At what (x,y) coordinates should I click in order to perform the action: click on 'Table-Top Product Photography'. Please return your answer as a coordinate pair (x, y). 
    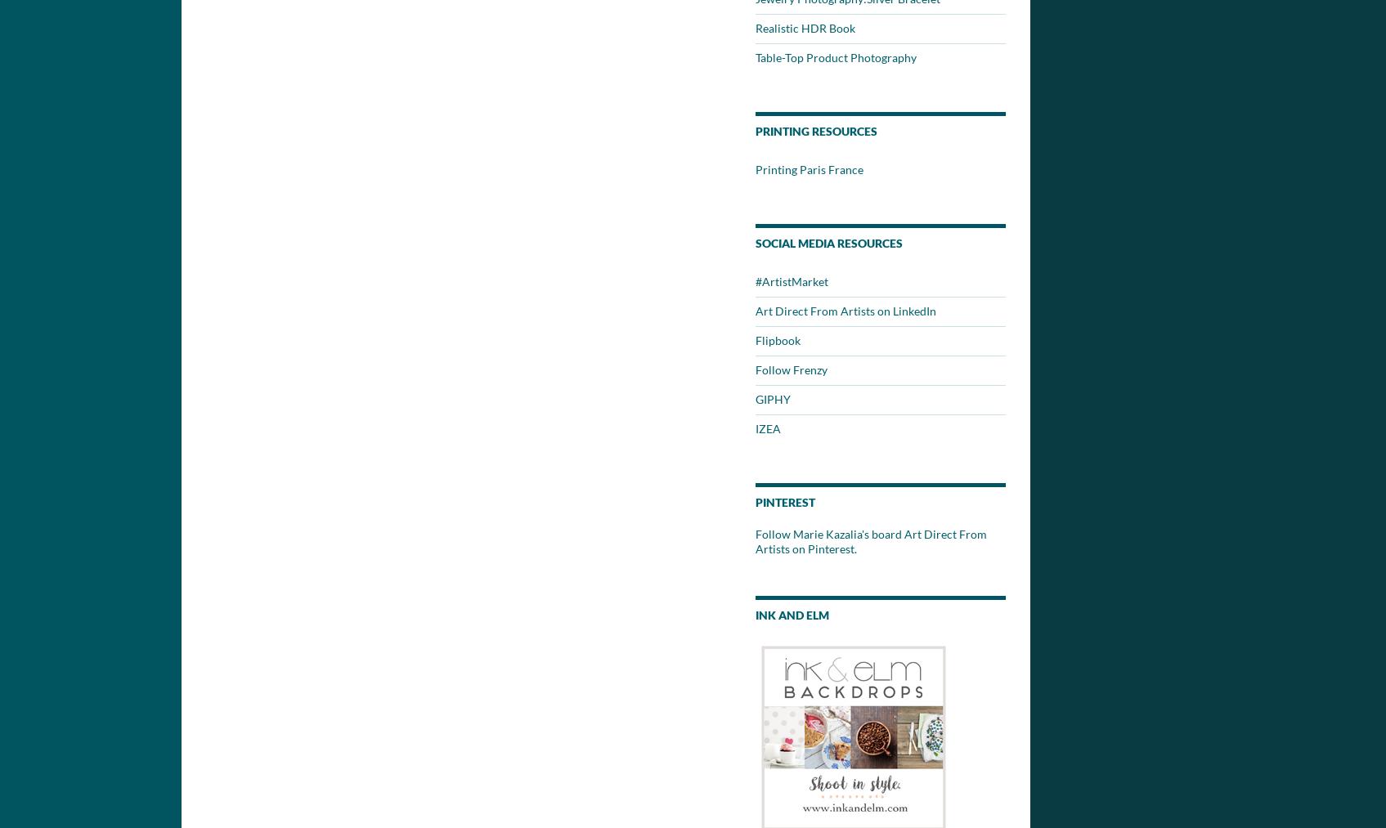
    Looking at the image, I should click on (835, 56).